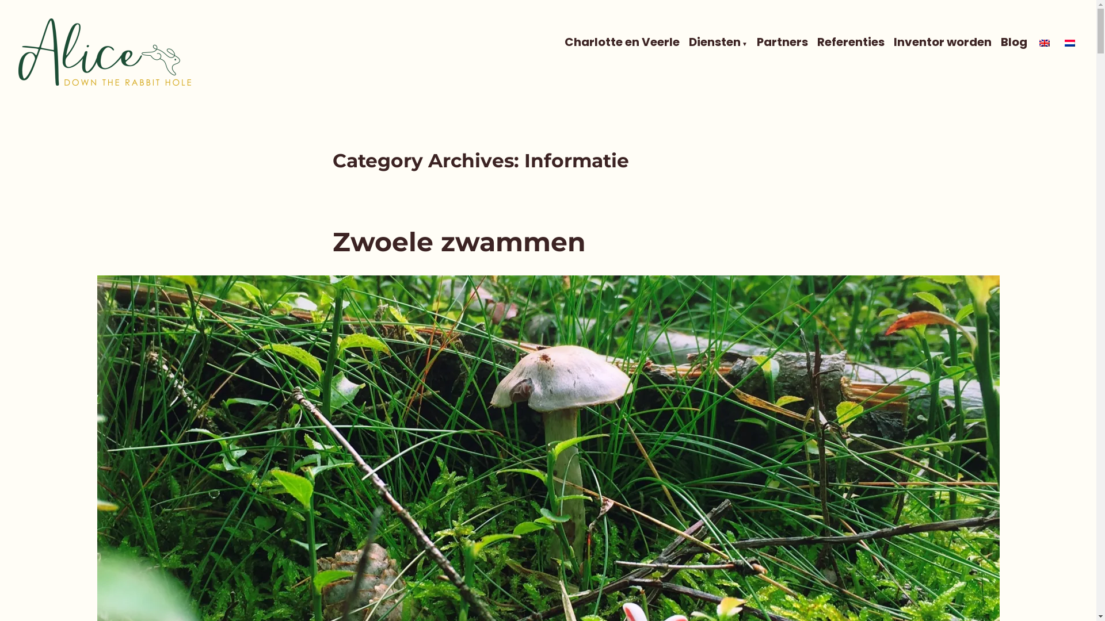 Image resolution: width=1105 pixels, height=621 pixels. I want to click on 'Partners', so click(782, 41).